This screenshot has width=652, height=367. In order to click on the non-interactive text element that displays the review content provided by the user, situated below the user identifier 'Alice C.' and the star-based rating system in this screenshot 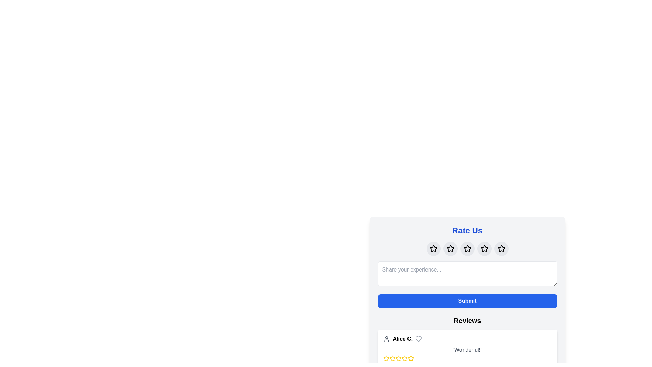, I will do `click(467, 350)`.